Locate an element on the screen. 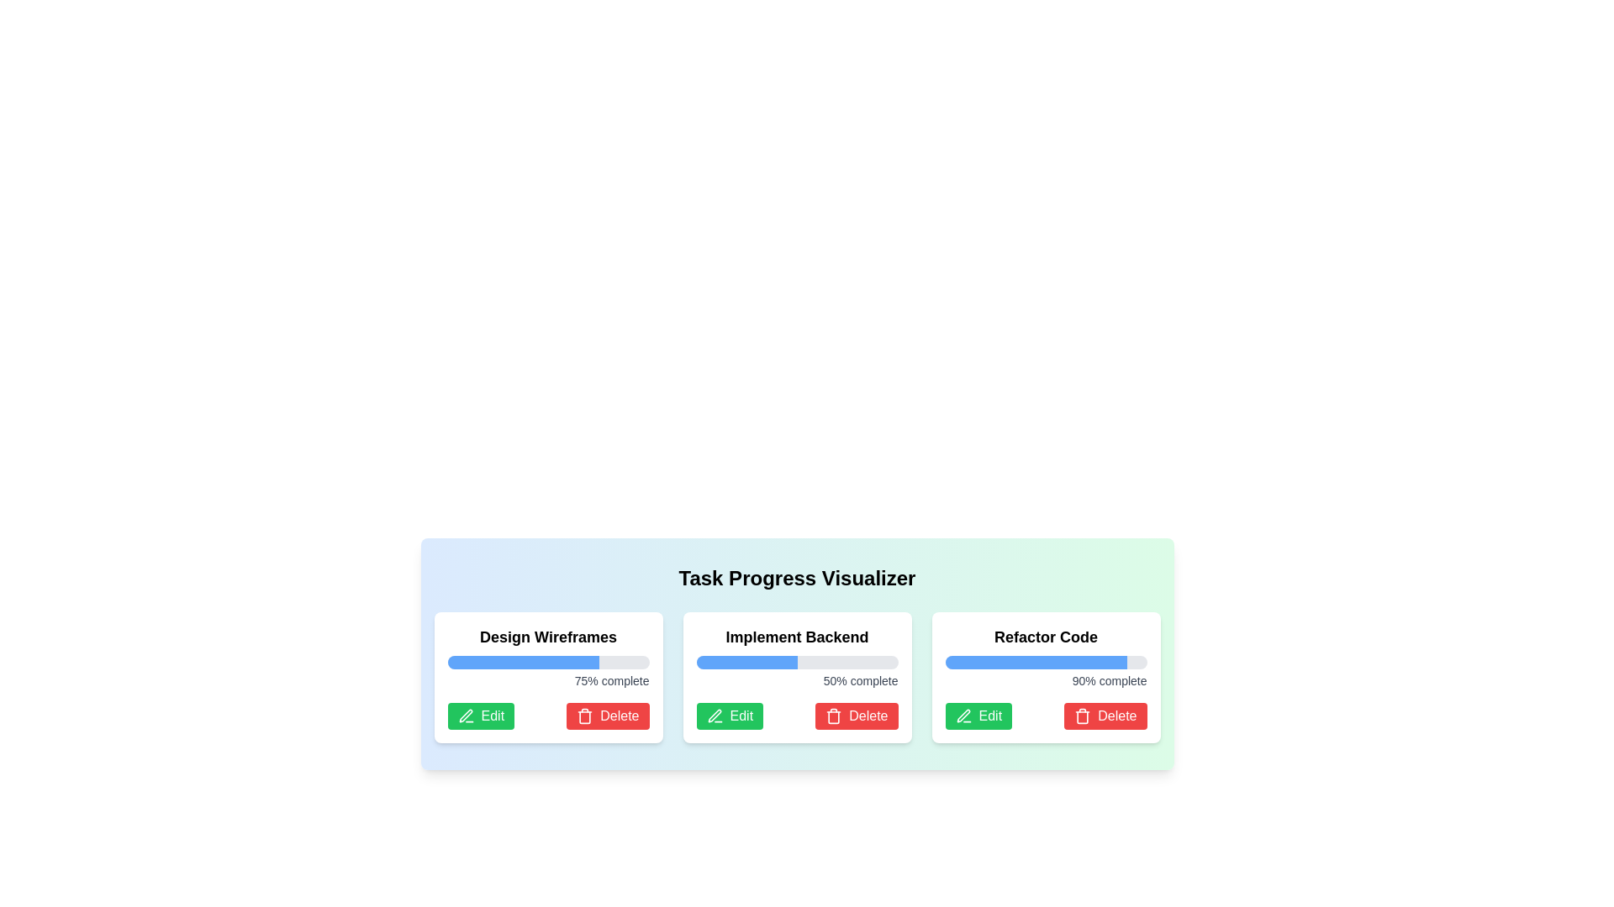 This screenshot has width=1614, height=907. the delete SVG icon located inside the 'Delete' button beneath the task titled 'Design Wireframes' is located at coordinates (585, 717).